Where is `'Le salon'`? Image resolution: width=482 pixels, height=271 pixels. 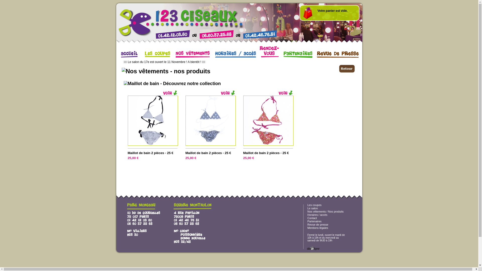 'Le salon' is located at coordinates (312, 208).